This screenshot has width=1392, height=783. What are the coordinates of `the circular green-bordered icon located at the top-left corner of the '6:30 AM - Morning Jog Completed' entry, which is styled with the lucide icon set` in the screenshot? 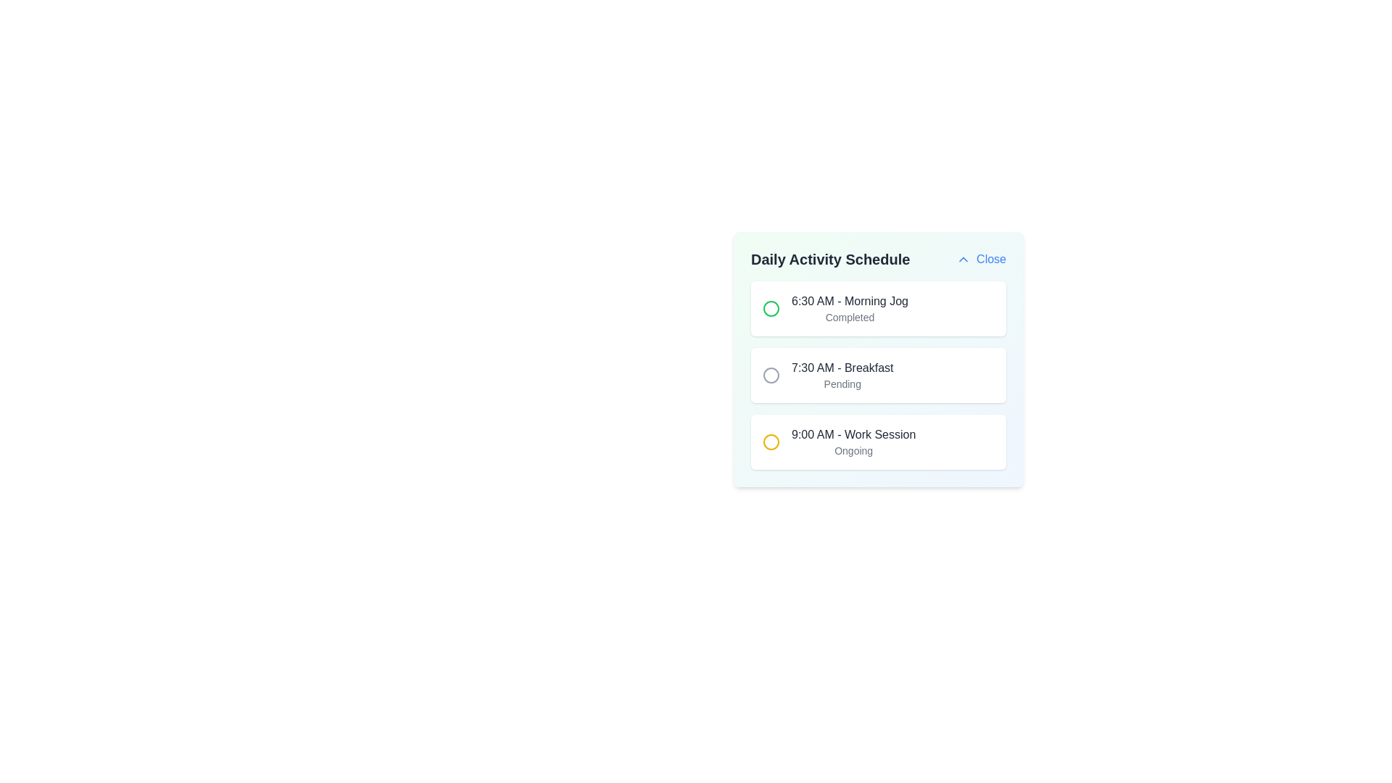 It's located at (771, 307).